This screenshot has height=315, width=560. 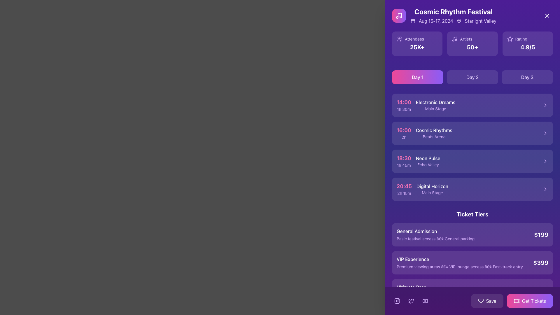 What do you see at coordinates (434, 133) in the screenshot?
I see `the event listing for 'Cosmic Rhythms' located in the second event slot of the festival schedule for 'Day 1'` at bounding box center [434, 133].